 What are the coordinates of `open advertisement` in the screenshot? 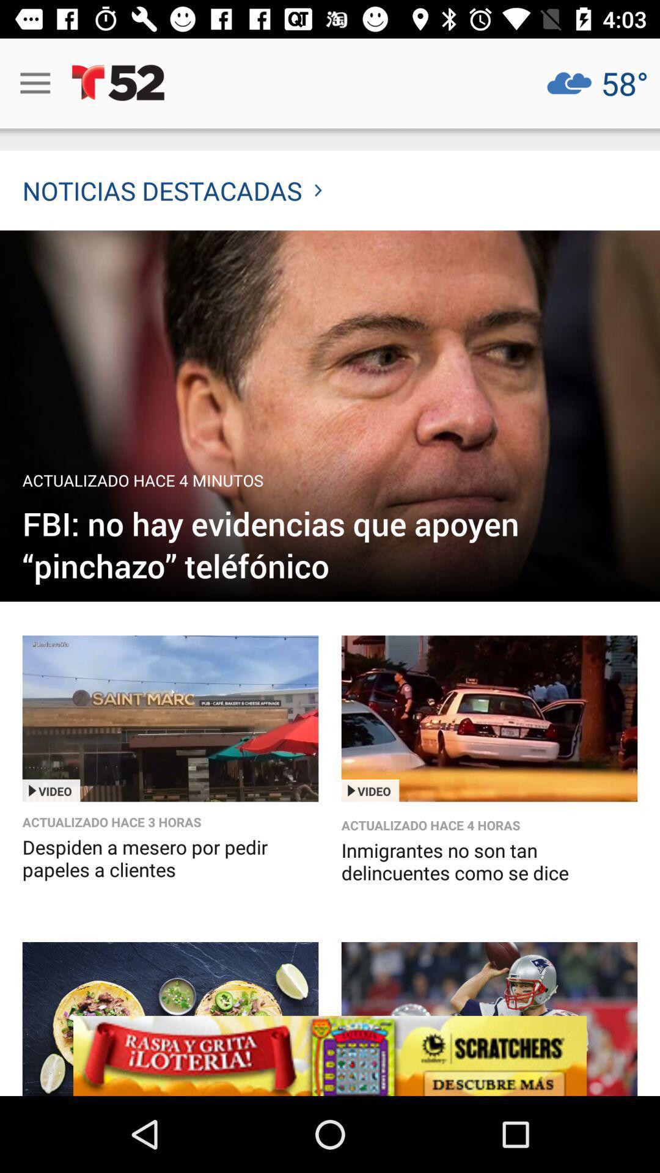 It's located at (170, 1018).